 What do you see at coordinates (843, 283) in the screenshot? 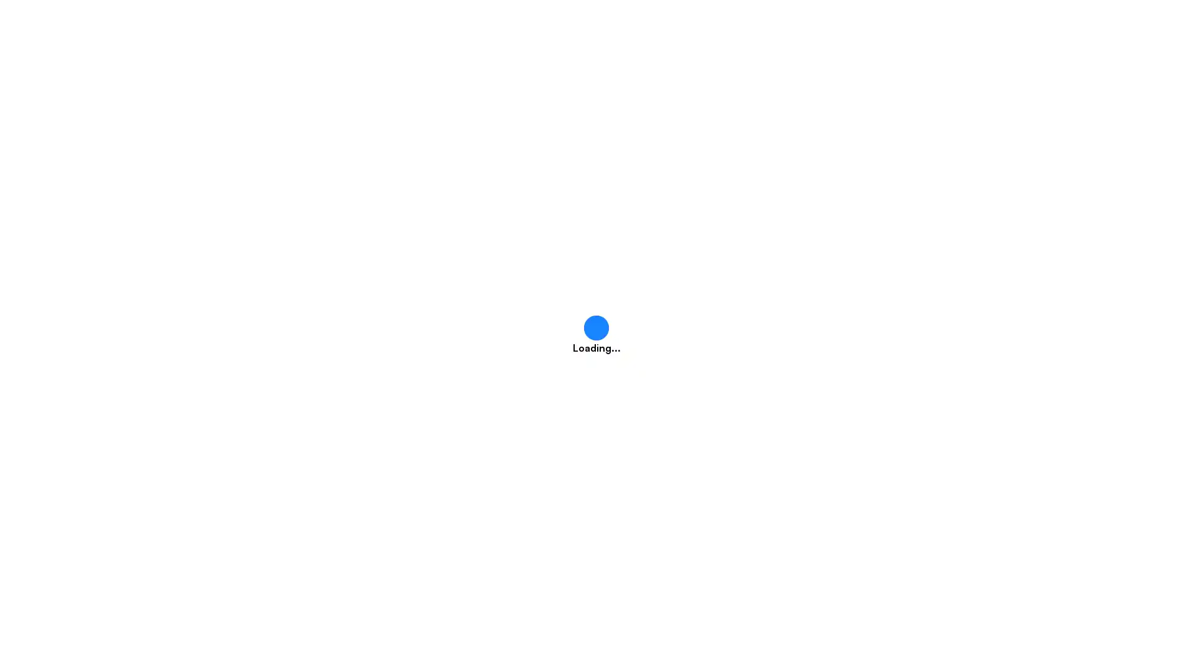
I see `GO` at bounding box center [843, 283].